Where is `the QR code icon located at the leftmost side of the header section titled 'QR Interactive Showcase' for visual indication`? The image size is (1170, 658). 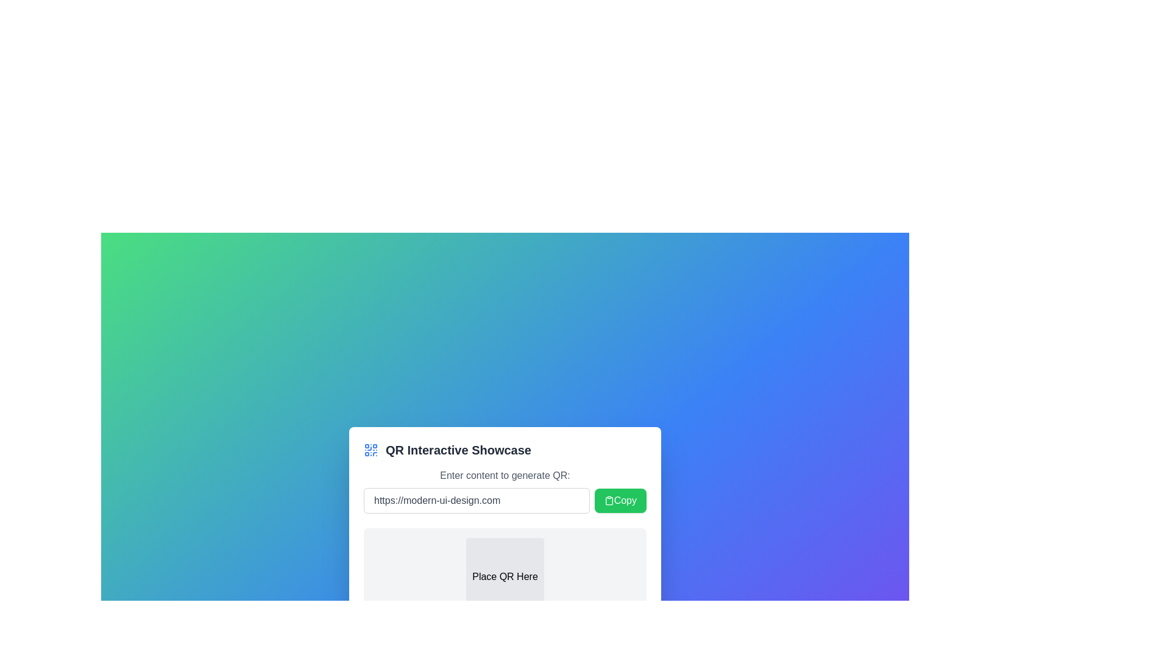
the QR code icon located at the leftmost side of the header section titled 'QR Interactive Showcase' for visual indication is located at coordinates (370, 450).